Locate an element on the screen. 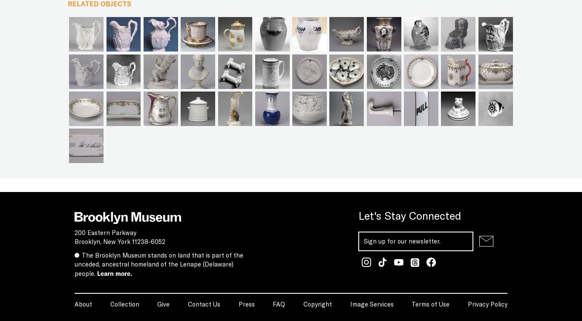 The height and width of the screenshot is (321, 582). 'Image Services' is located at coordinates (371, 303).